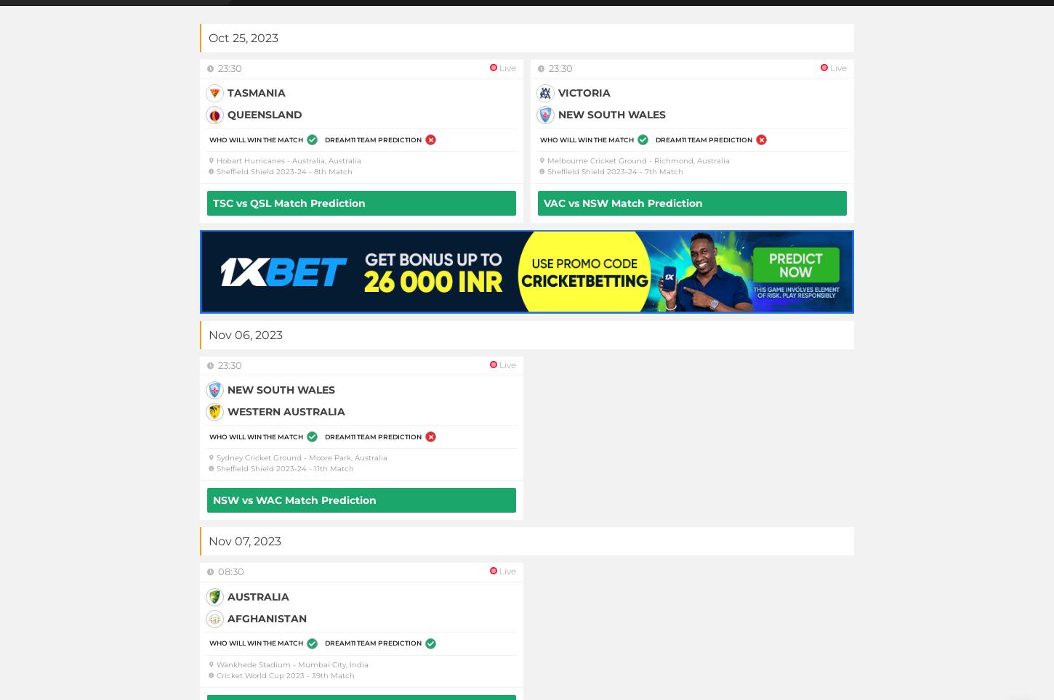  What do you see at coordinates (258, 595) in the screenshot?
I see `'Australia'` at bounding box center [258, 595].